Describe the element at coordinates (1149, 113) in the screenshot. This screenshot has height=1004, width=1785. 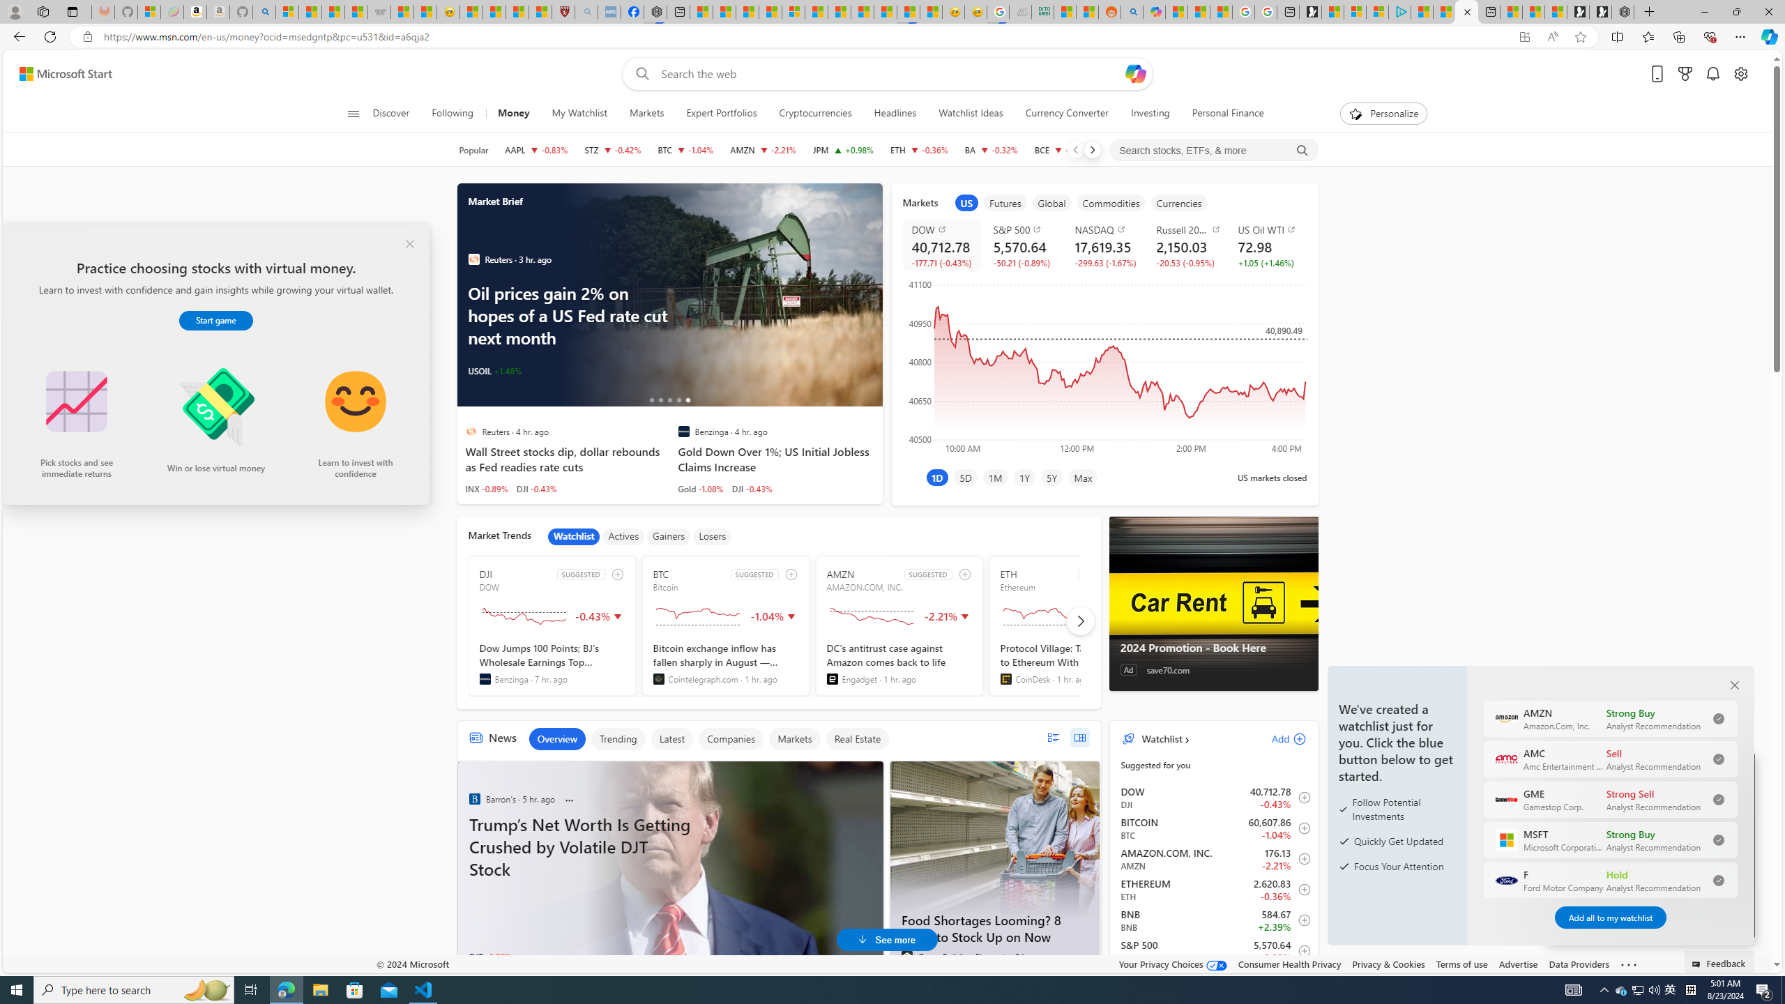
I see `'Investing'` at that location.